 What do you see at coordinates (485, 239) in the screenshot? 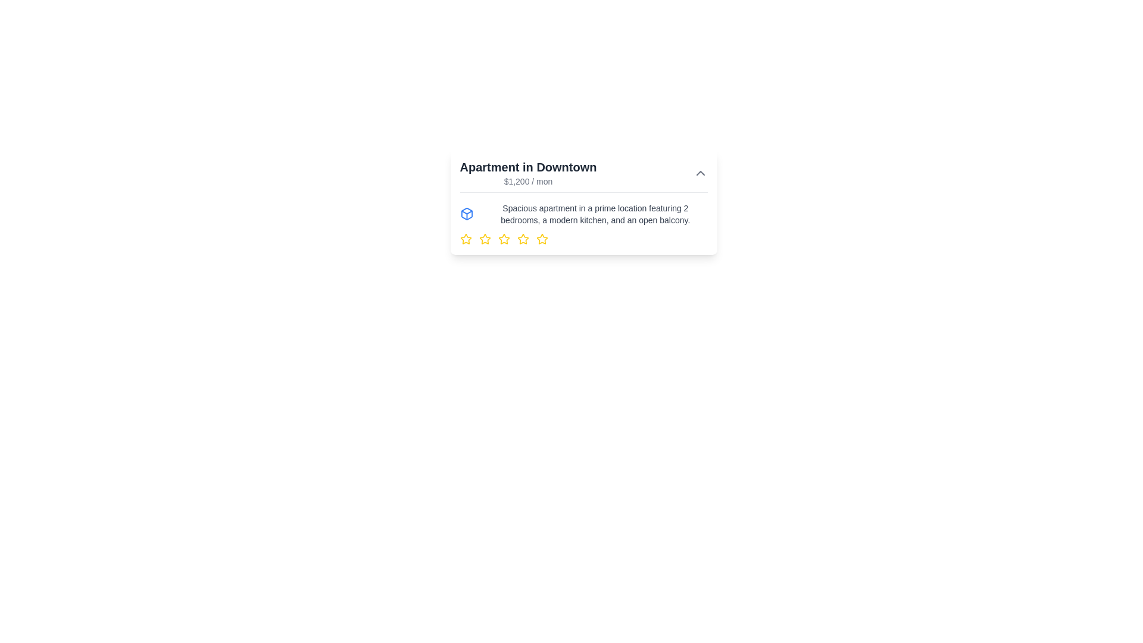
I see `the third star icon representing a rating level in the apartment listing, located below the description text` at bounding box center [485, 239].